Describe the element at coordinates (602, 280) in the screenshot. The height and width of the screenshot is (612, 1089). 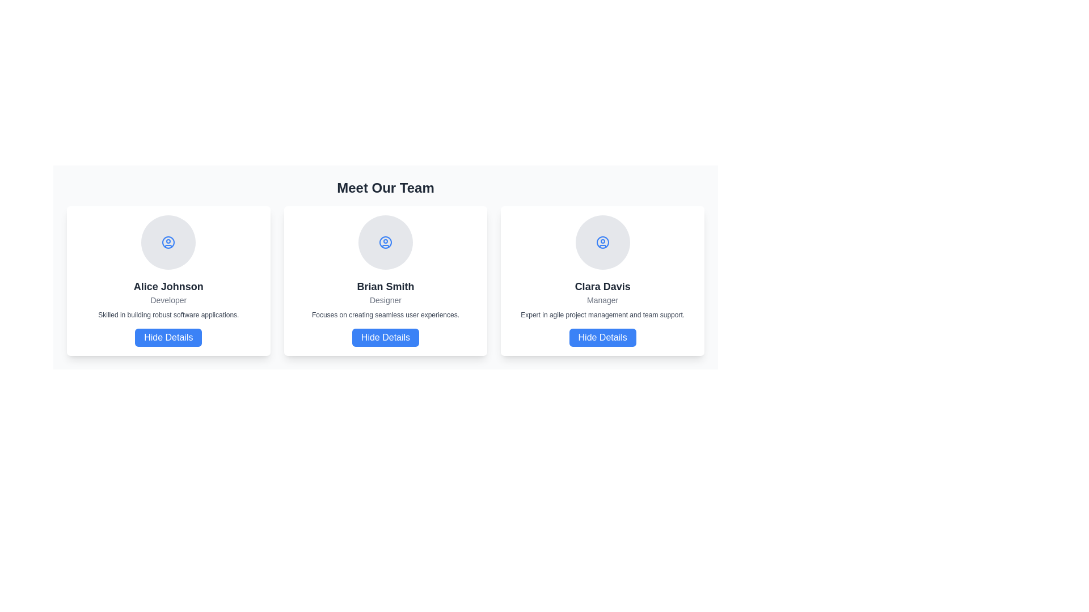
I see `text content of the team member's profile card located in the third column of the grid layout, positioned to the far right` at that location.